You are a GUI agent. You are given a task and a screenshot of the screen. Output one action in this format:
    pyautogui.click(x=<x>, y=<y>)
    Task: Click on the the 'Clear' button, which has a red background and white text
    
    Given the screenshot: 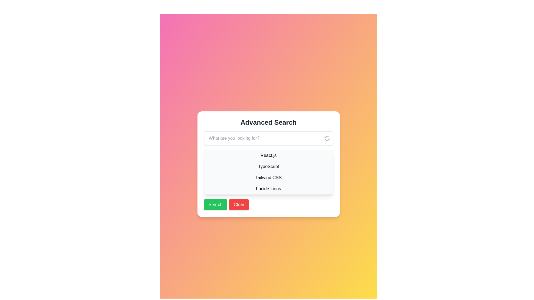 What is the action you would take?
    pyautogui.click(x=239, y=204)
    